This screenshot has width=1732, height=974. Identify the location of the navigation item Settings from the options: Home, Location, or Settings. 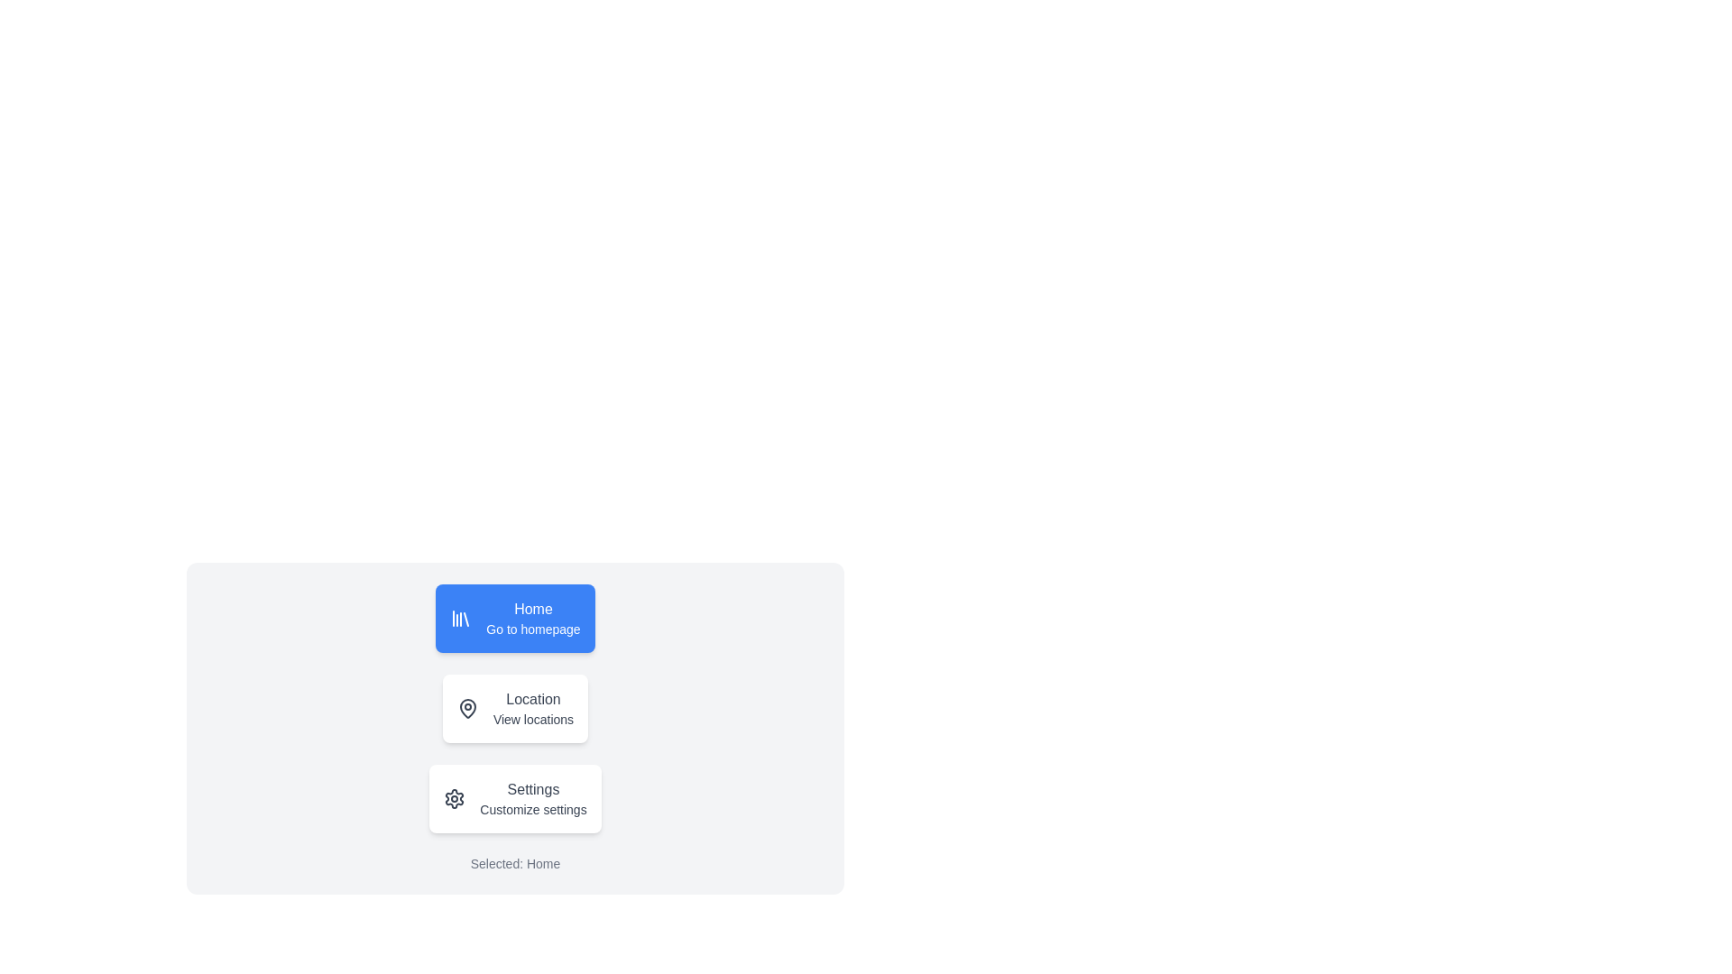
(514, 798).